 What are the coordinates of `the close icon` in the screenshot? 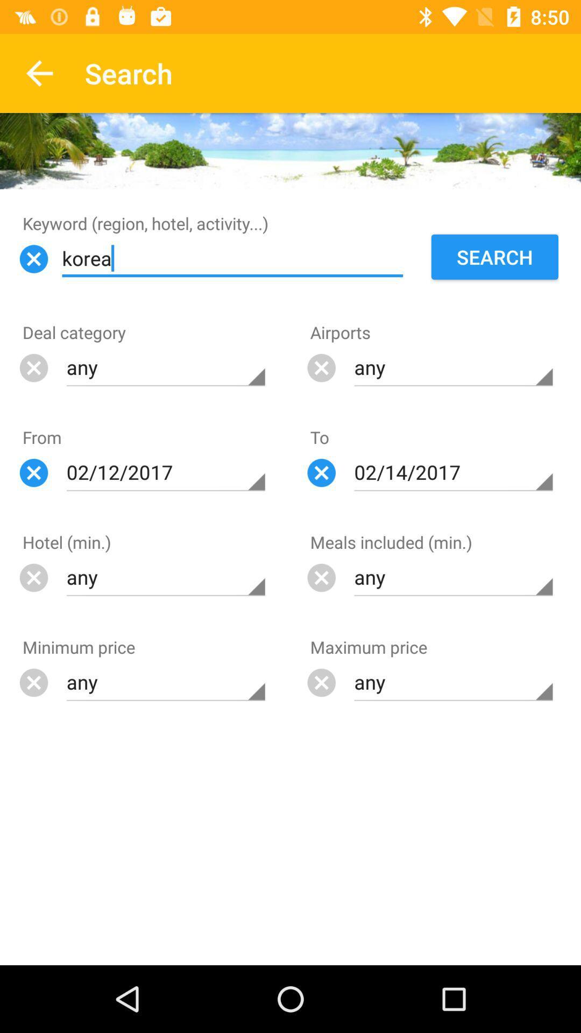 It's located at (33, 577).